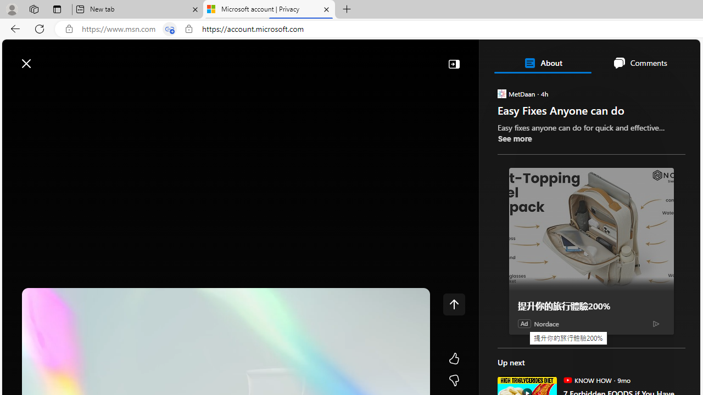 The height and width of the screenshot is (395, 703). Describe the element at coordinates (169, 29) in the screenshot. I see `'Tabs in split screen'` at that location.